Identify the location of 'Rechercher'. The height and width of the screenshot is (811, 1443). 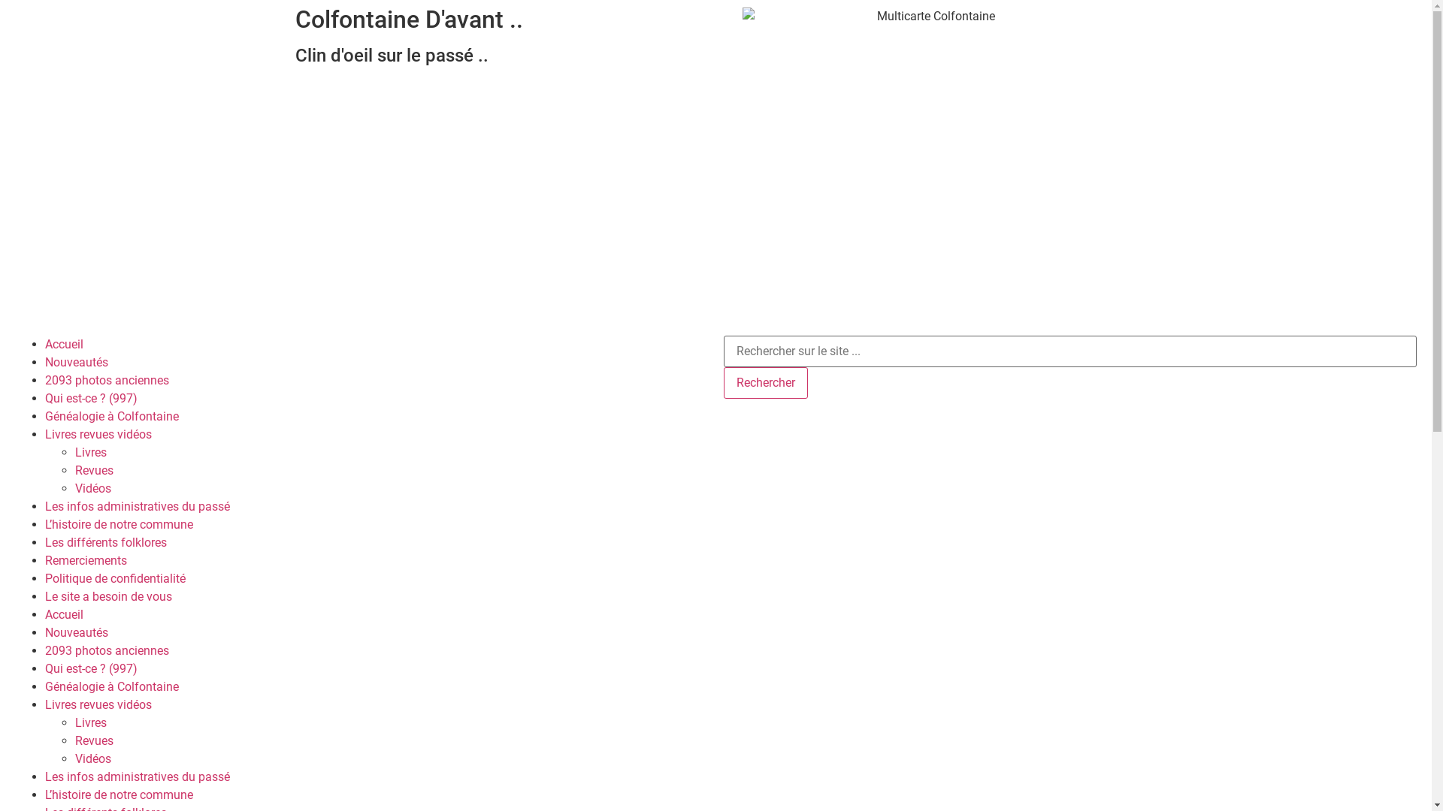
(764, 381).